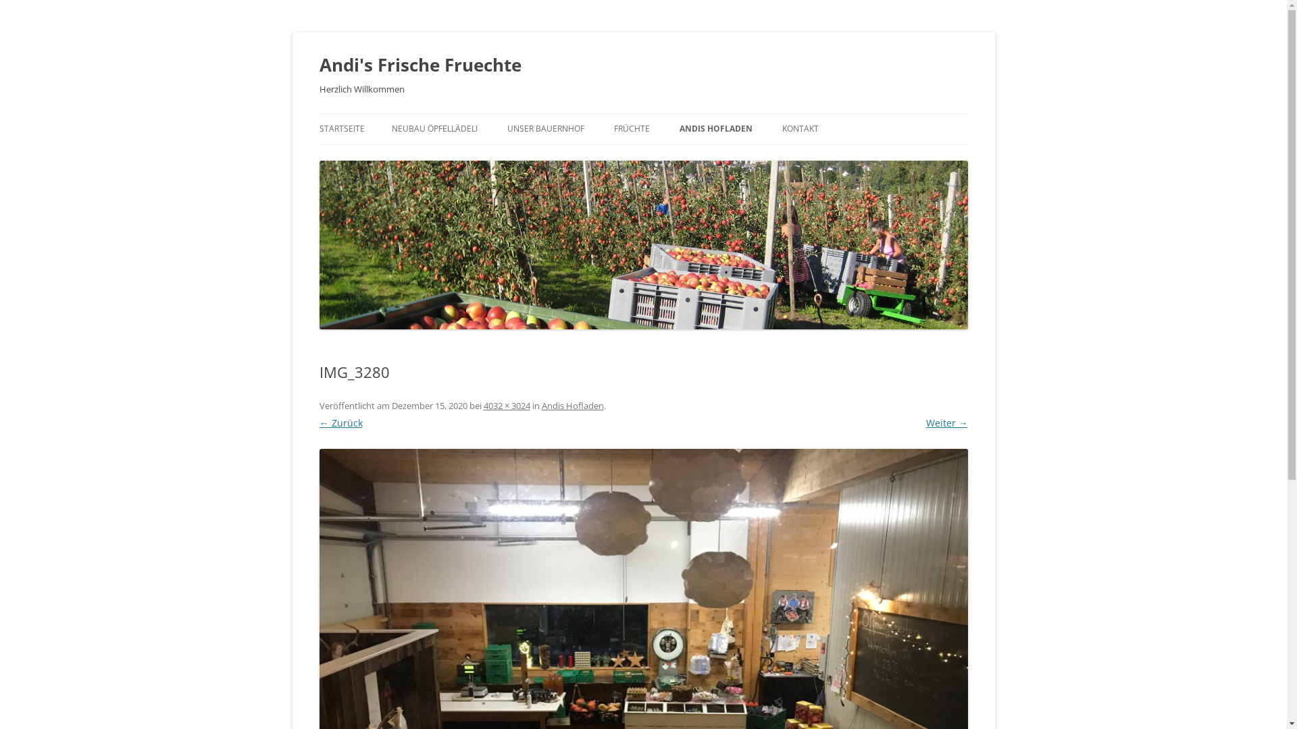  What do you see at coordinates (341, 129) in the screenshot?
I see `'STARTSEITE'` at bounding box center [341, 129].